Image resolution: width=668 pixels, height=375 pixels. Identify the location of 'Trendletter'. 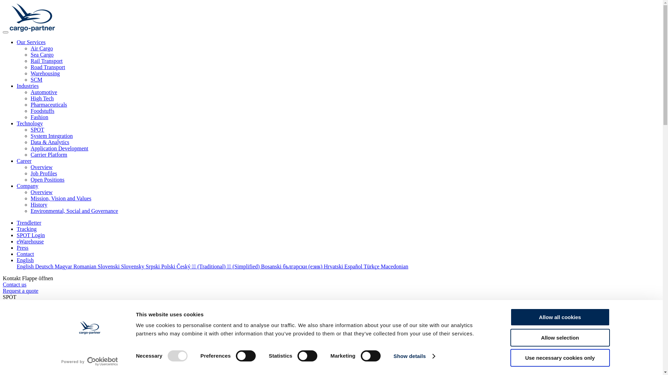
(29, 223).